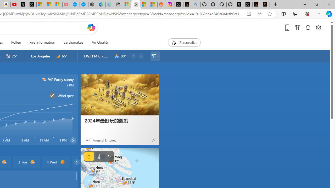  Describe the element at coordinates (265, 4) in the screenshot. I see `'X Privacy Policy'` at that location.